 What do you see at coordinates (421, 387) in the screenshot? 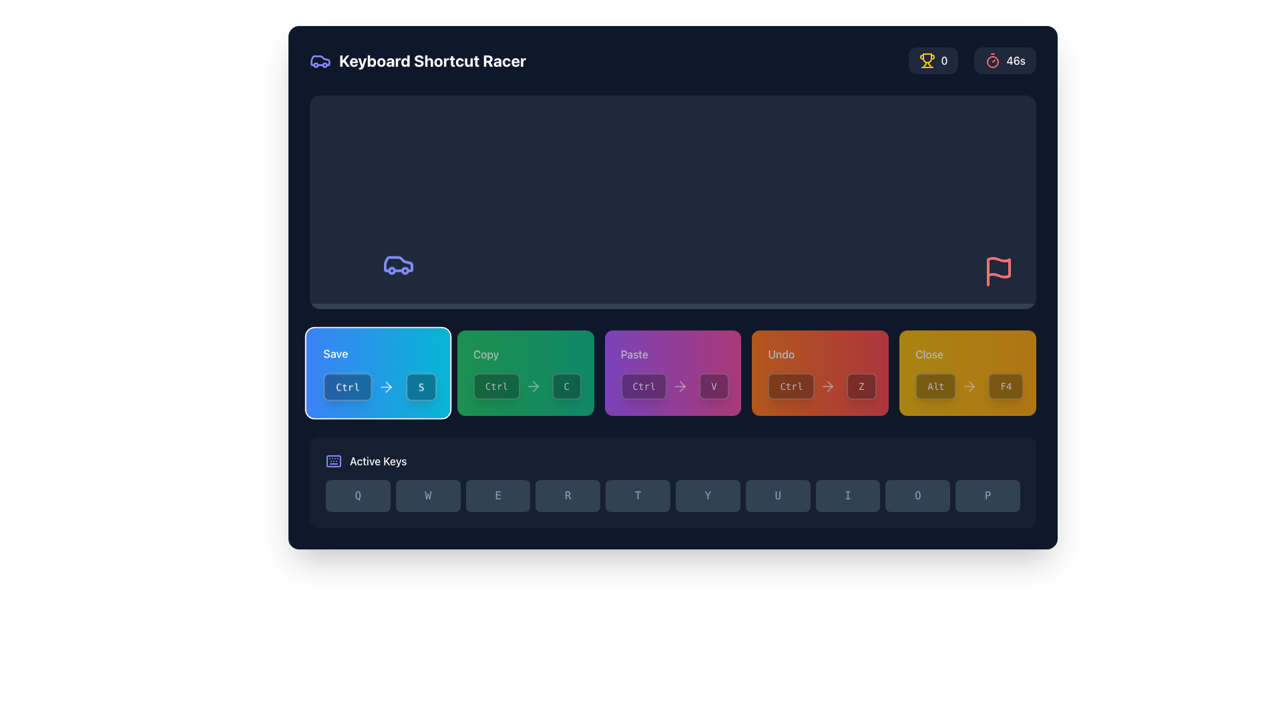
I see `the 'S' key representation styled as a keyboard key with a transparent black background and glowing white text, which is part of the 'Ctrl + S' keyboard shortcut sequence` at bounding box center [421, 387].